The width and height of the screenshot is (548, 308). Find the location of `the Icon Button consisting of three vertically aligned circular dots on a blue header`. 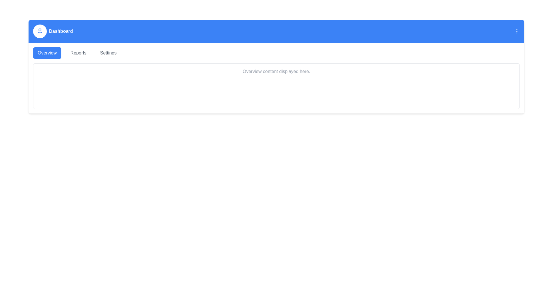

the Icon Button consisting of three vertically aligned circular dots on a blue header is located at coordinates (517, 31).